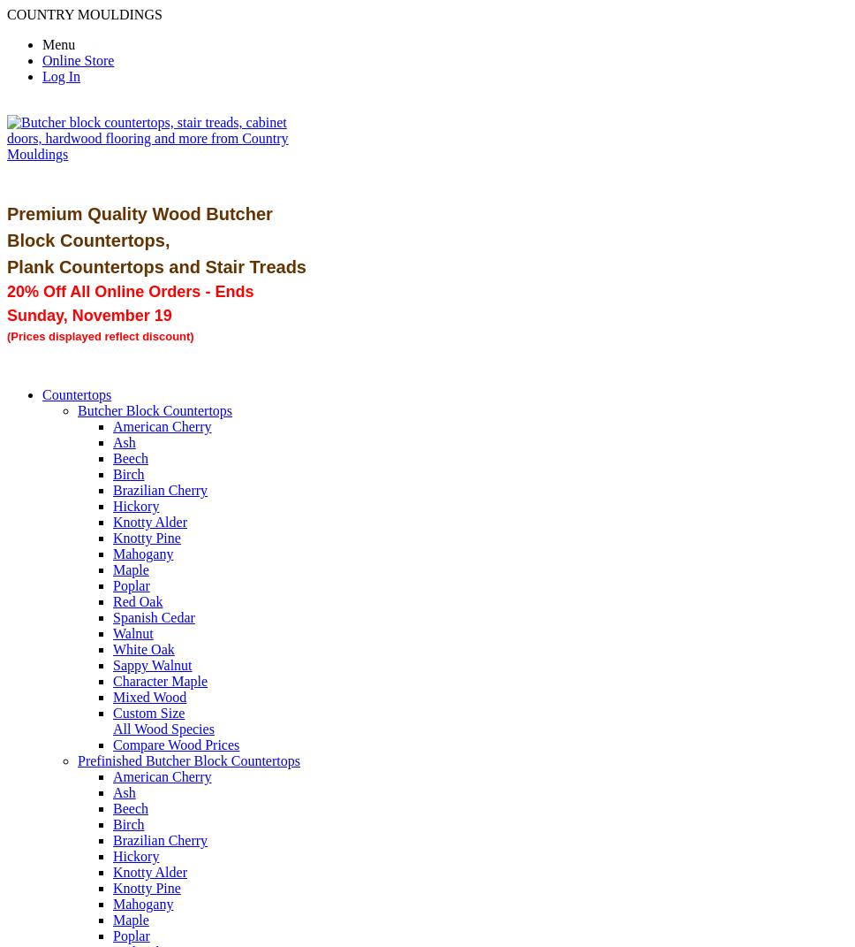  Describe the element at coordinates (84, 13) in the screenshot. I see `'COUNTRY MOULDINGS'` at that location.